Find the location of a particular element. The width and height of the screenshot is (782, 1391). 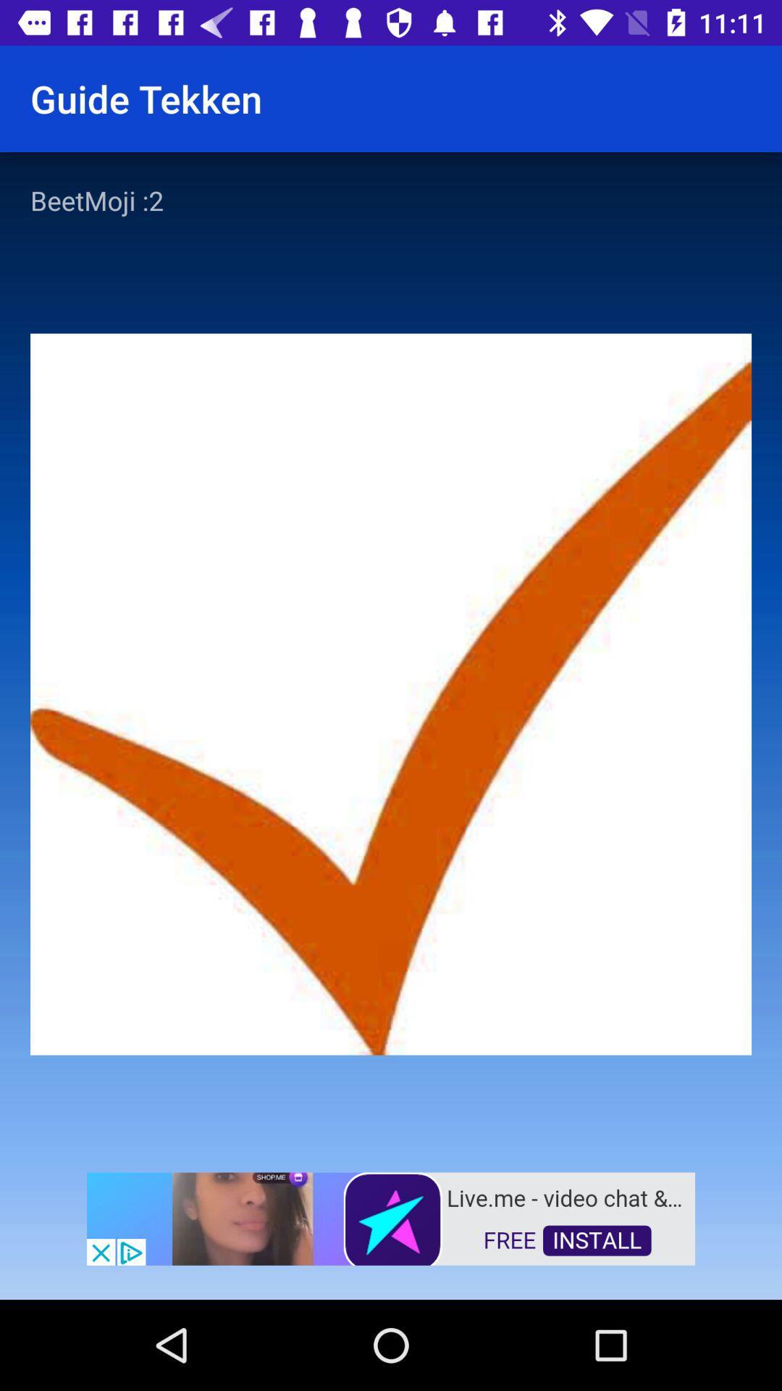

click on advertisement is located at coordinates (391, 1217).